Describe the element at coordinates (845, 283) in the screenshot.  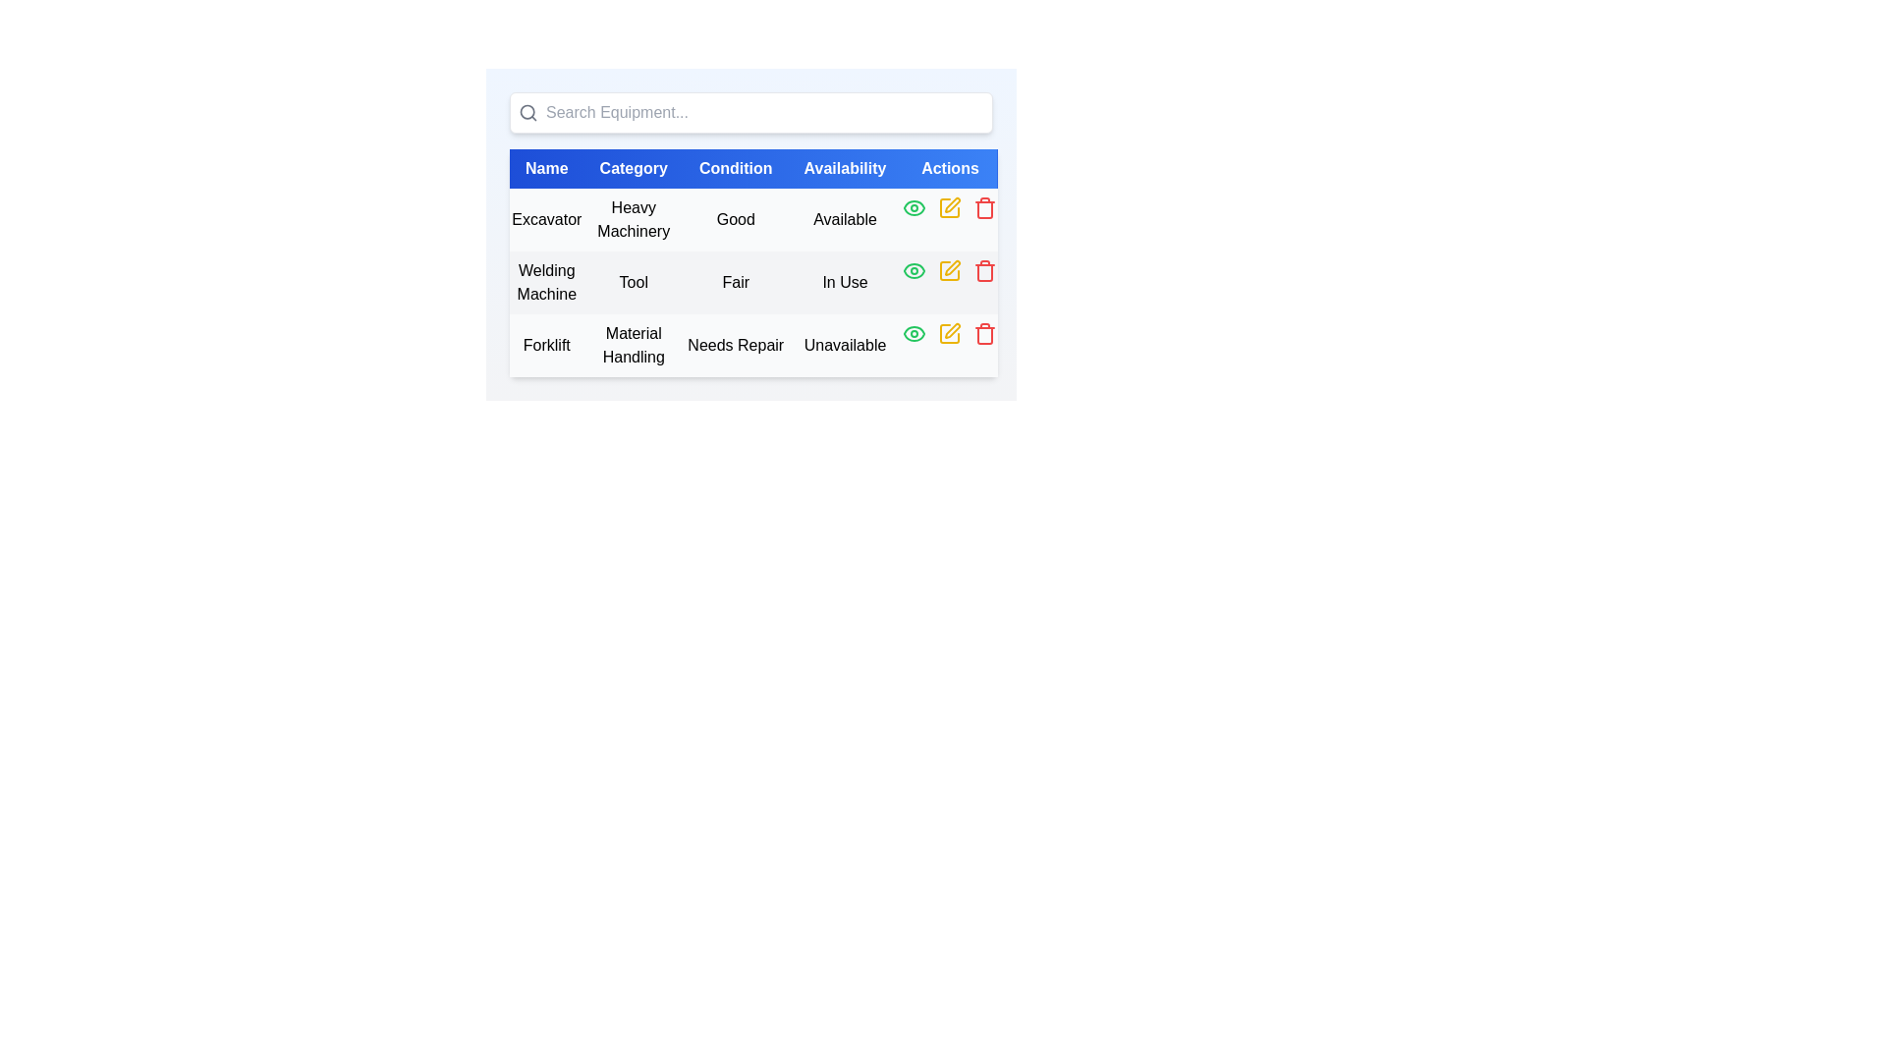
I see `the text label in the second row of the table under the 'Availability' column, which indicates the item is 'In Use'` at that location.